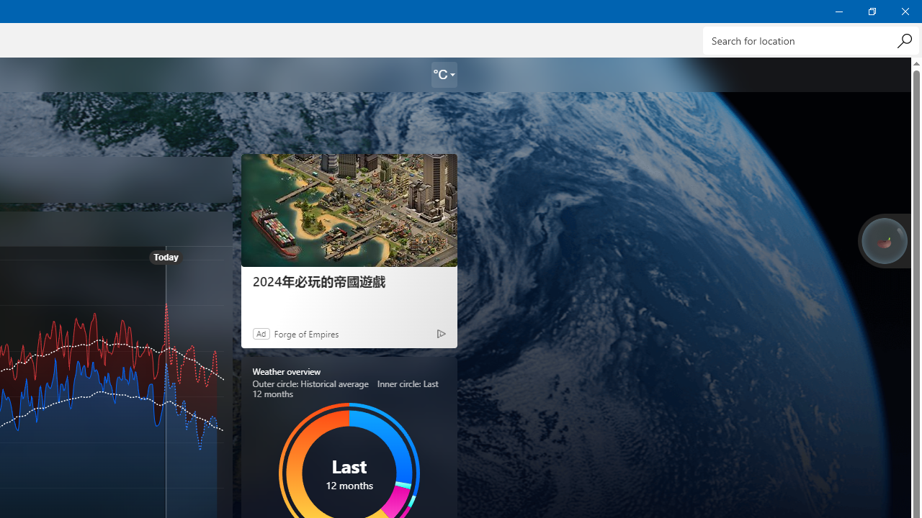 The width and height of the screenshot is (922, 518). I want to click on 'Search for location', so click(810, 40).